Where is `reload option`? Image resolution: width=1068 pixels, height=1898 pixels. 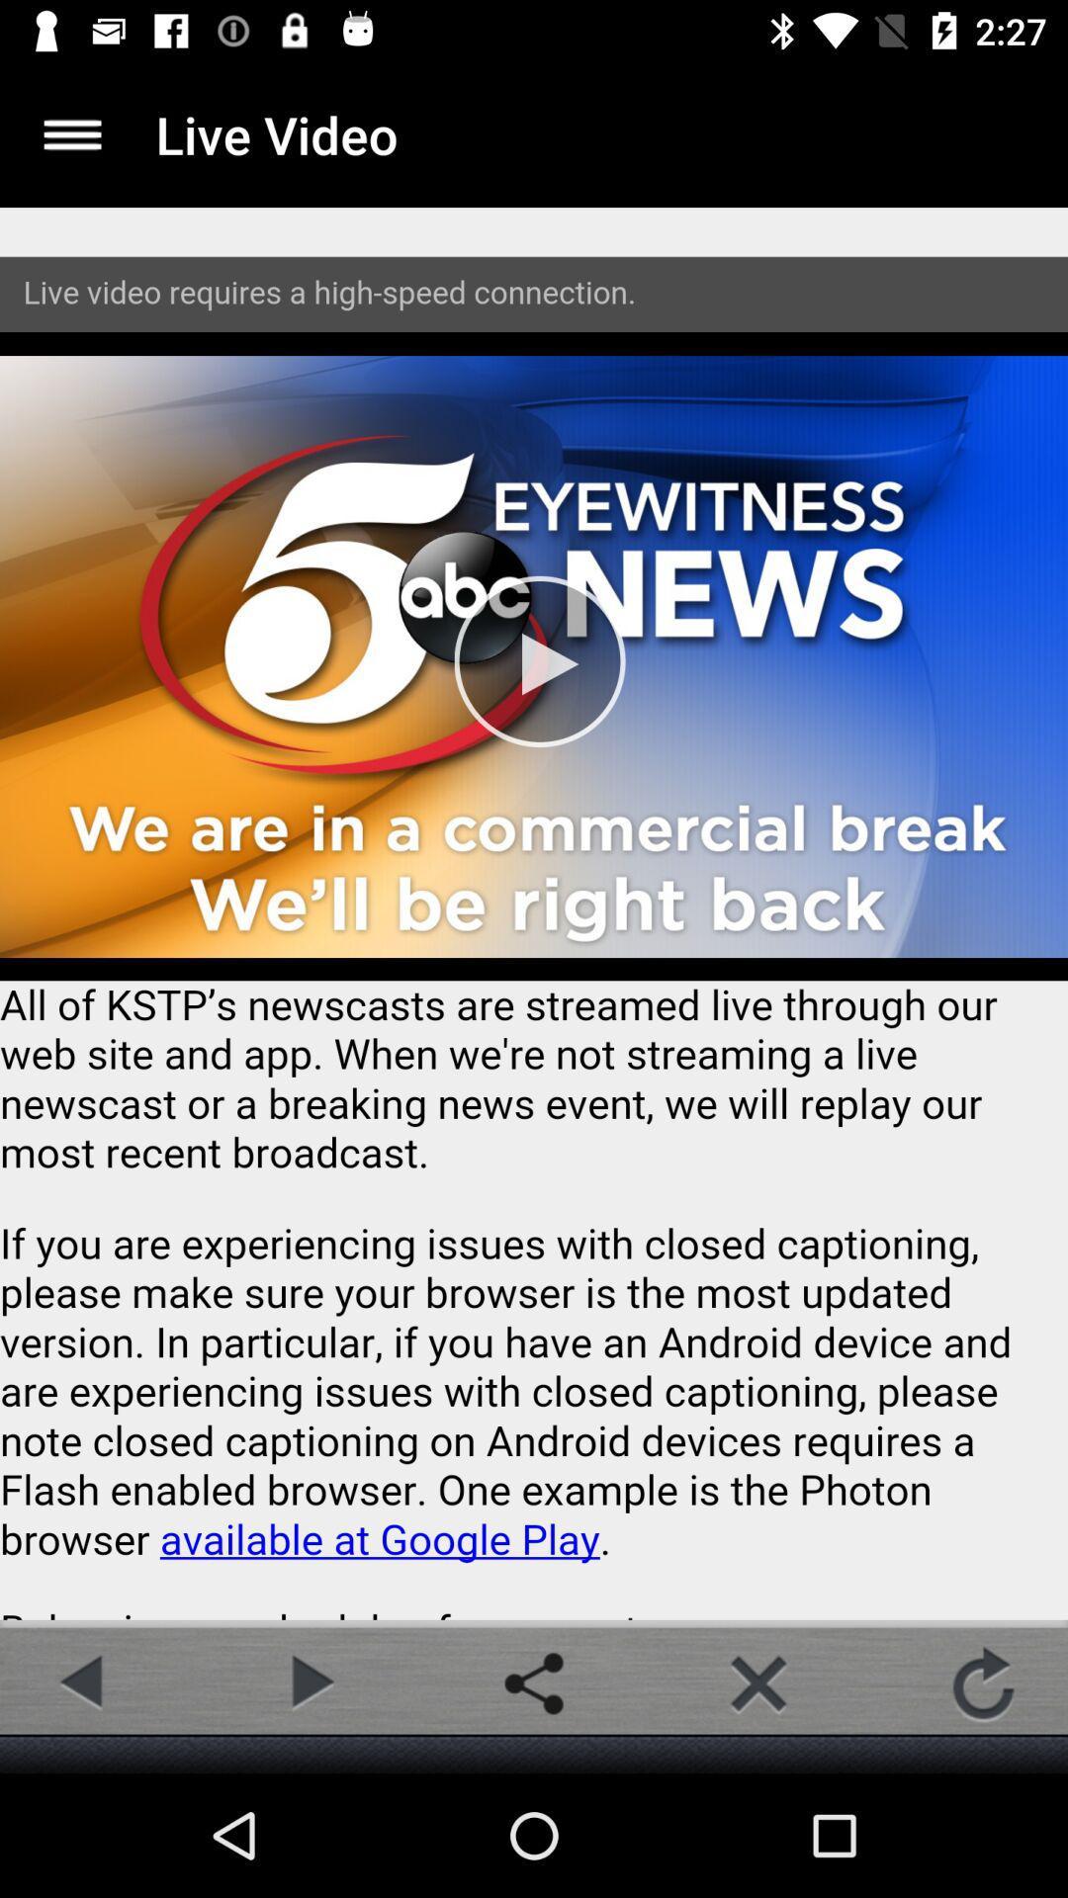
reload option is located at coordinates (983, 1682).